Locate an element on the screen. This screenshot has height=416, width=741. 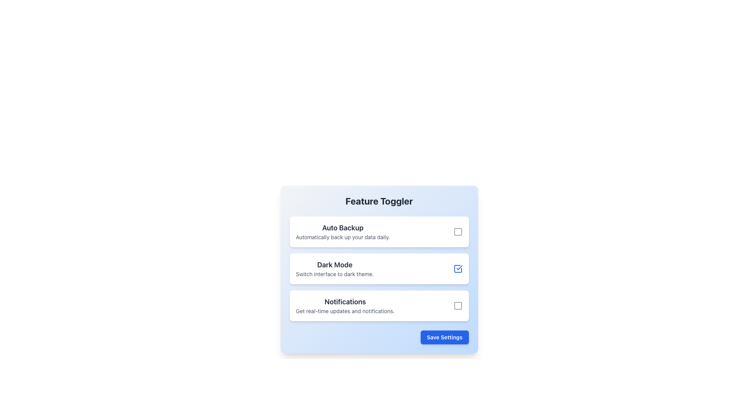
the Text Display element that indicates the purpose of the notification feature, located at the center-left of the card component is located at coordinates (345, 305).